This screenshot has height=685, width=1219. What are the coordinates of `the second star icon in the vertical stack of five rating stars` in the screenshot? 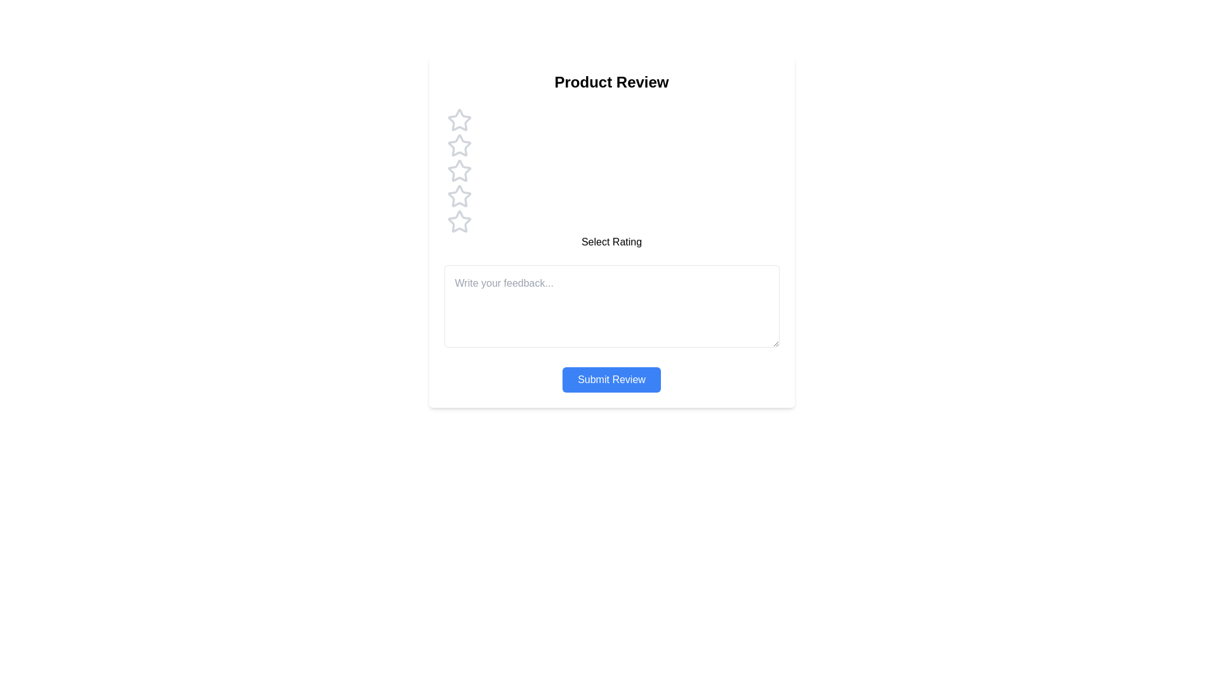 It's located at (458, 145).